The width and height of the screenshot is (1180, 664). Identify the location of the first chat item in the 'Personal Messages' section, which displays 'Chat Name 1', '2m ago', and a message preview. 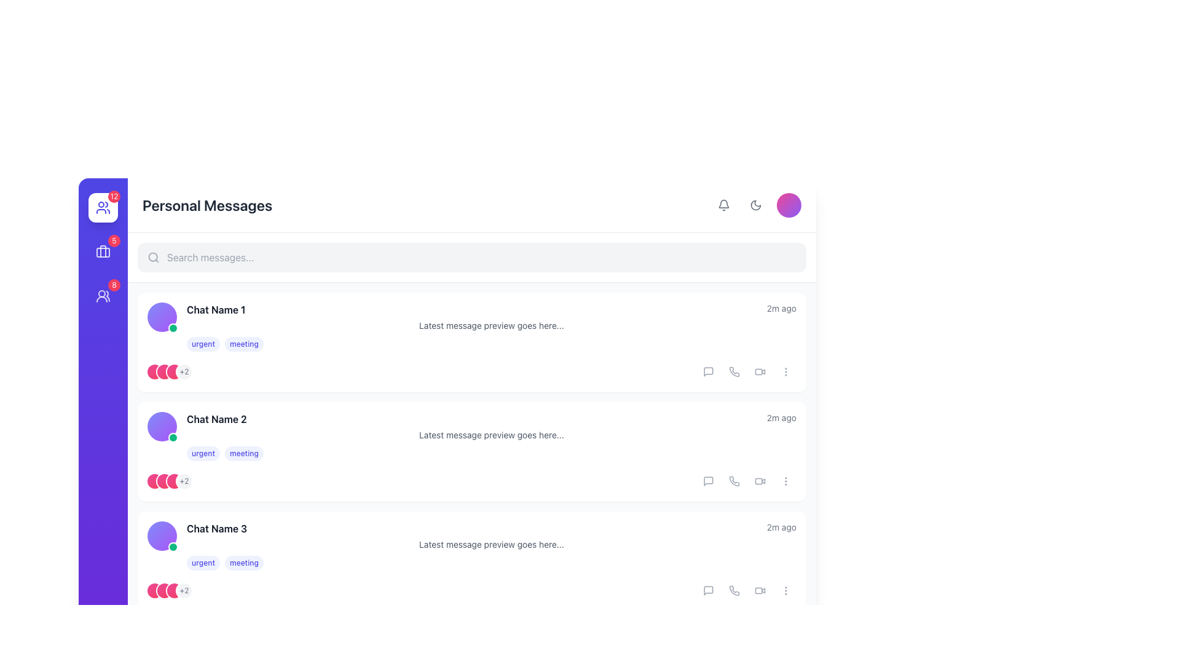
(471, 326).